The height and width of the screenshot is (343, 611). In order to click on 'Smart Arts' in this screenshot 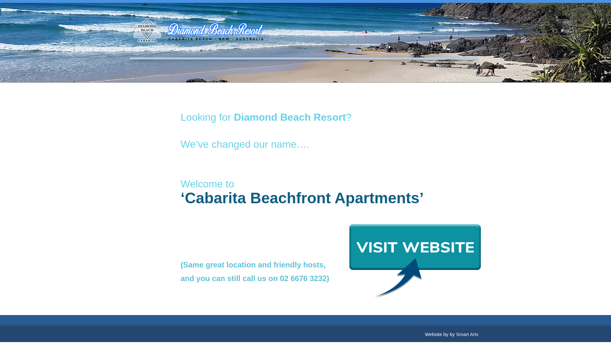, I will do `click(467, 334)`.